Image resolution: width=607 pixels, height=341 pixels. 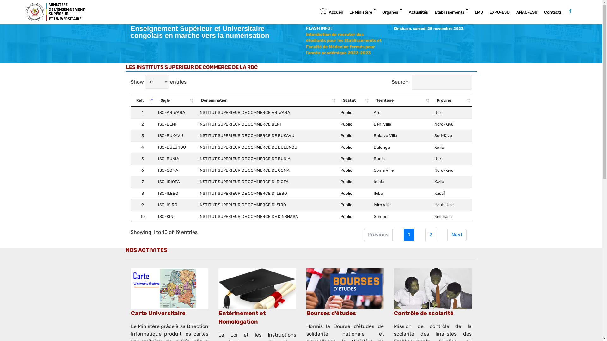 I want to click on 'Previous', so click(x=378, y=235).